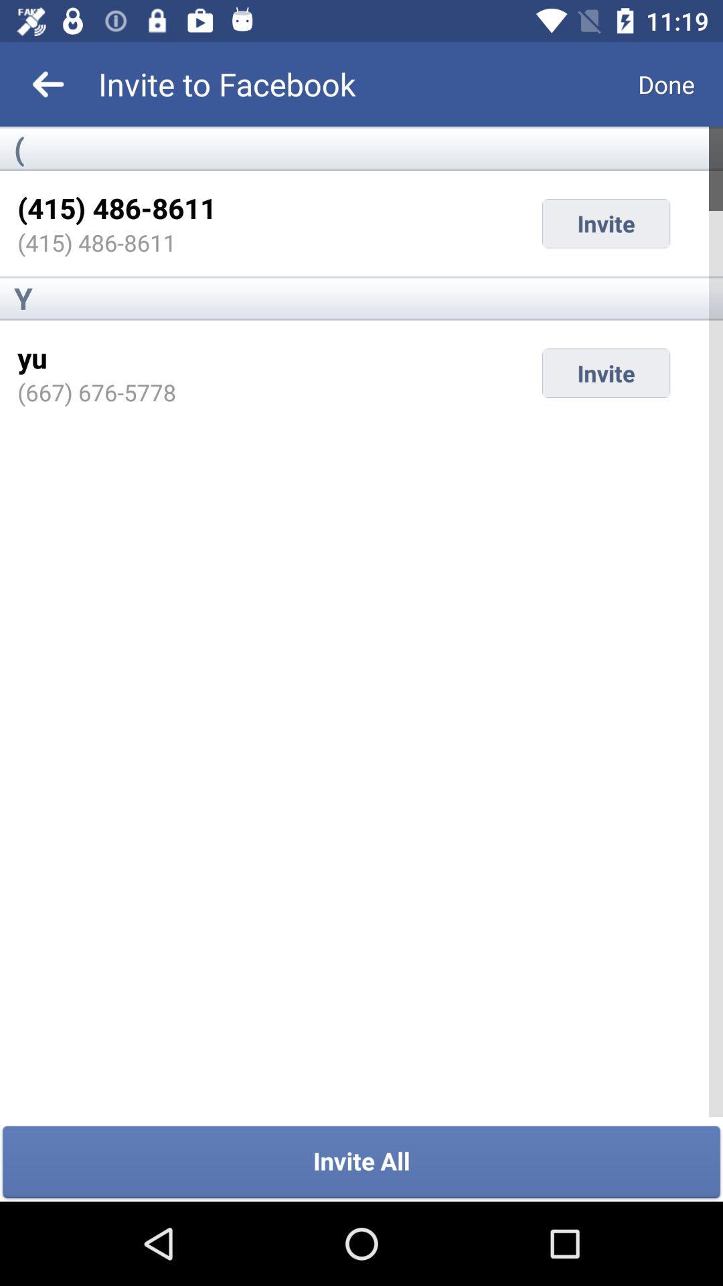 Image resolution: width=723 pixels, height=1286 pixels. What do you see at coordinates (96, 391) in the screenshot?
I see `the item next to invite item` at bounding box center [96, 391].